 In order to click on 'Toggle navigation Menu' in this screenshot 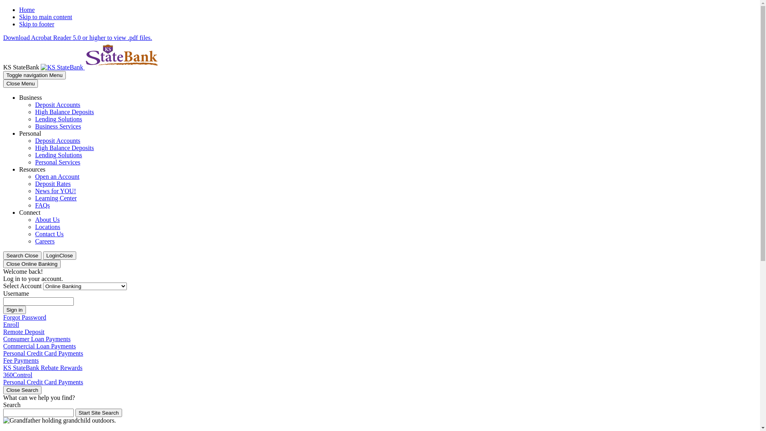, I will do `click(34, 75)`.